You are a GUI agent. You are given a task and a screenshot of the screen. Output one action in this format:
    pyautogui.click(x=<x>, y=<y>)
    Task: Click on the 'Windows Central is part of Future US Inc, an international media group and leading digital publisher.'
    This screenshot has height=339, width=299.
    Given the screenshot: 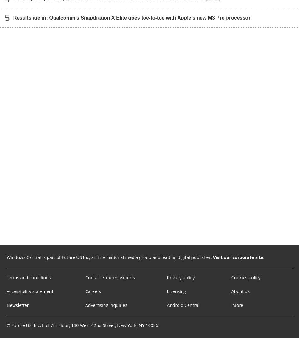 What is the action you would take?
    pyautogui.click(x=109, y=257)
    